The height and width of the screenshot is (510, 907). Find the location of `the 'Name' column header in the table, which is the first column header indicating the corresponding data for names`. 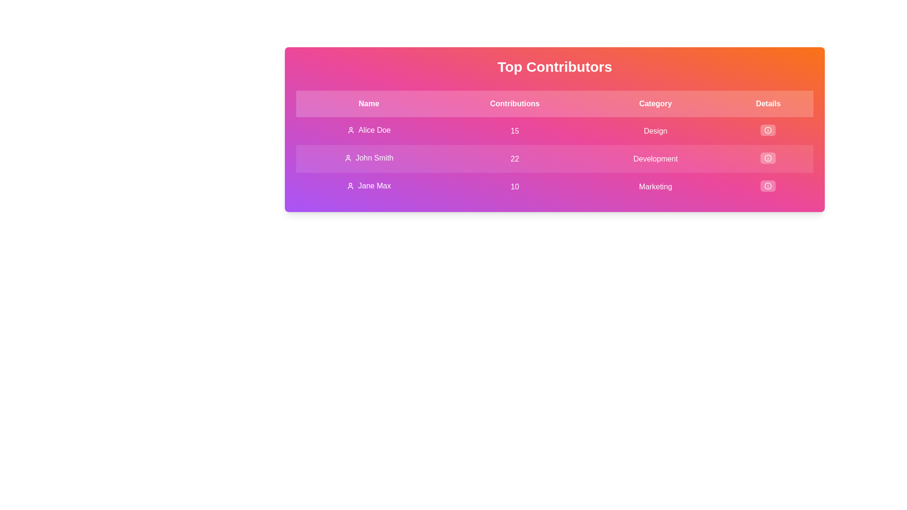

the 'Name' column header in the table, which is the first column header indicating the corresponding data for names is located at coordinates (368, 103).